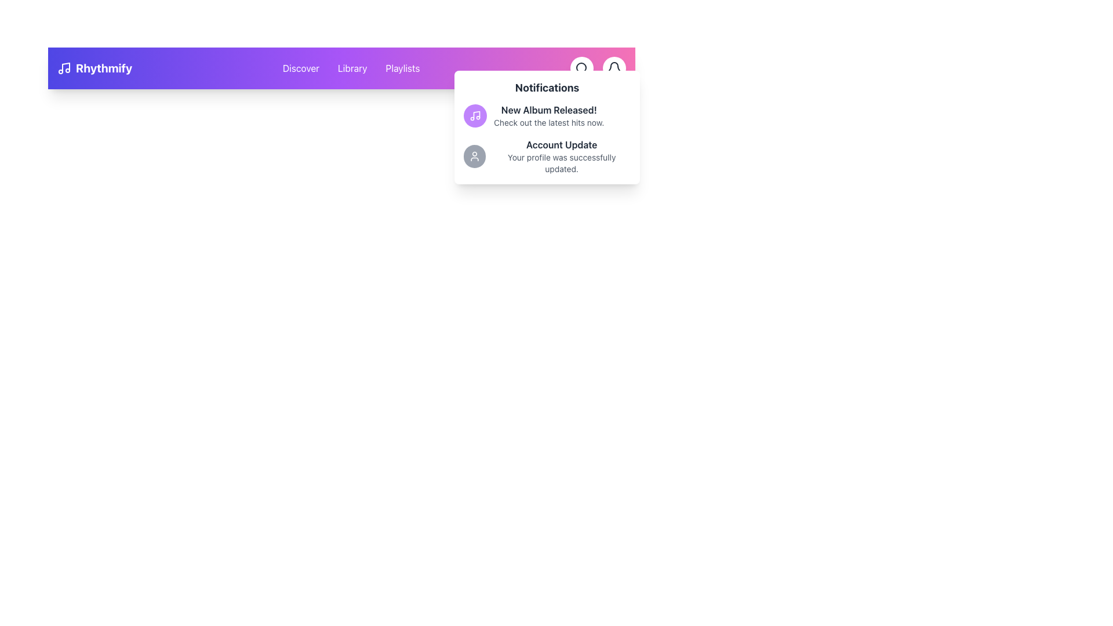 The image size is (1113, 626). Describe the element at coordinates (402, 68) in the screenshot. I see `the 'Playlists' hyperlink, which is the third item in the horizontal navigation menu with white text and an underline effect on hover` at that location.